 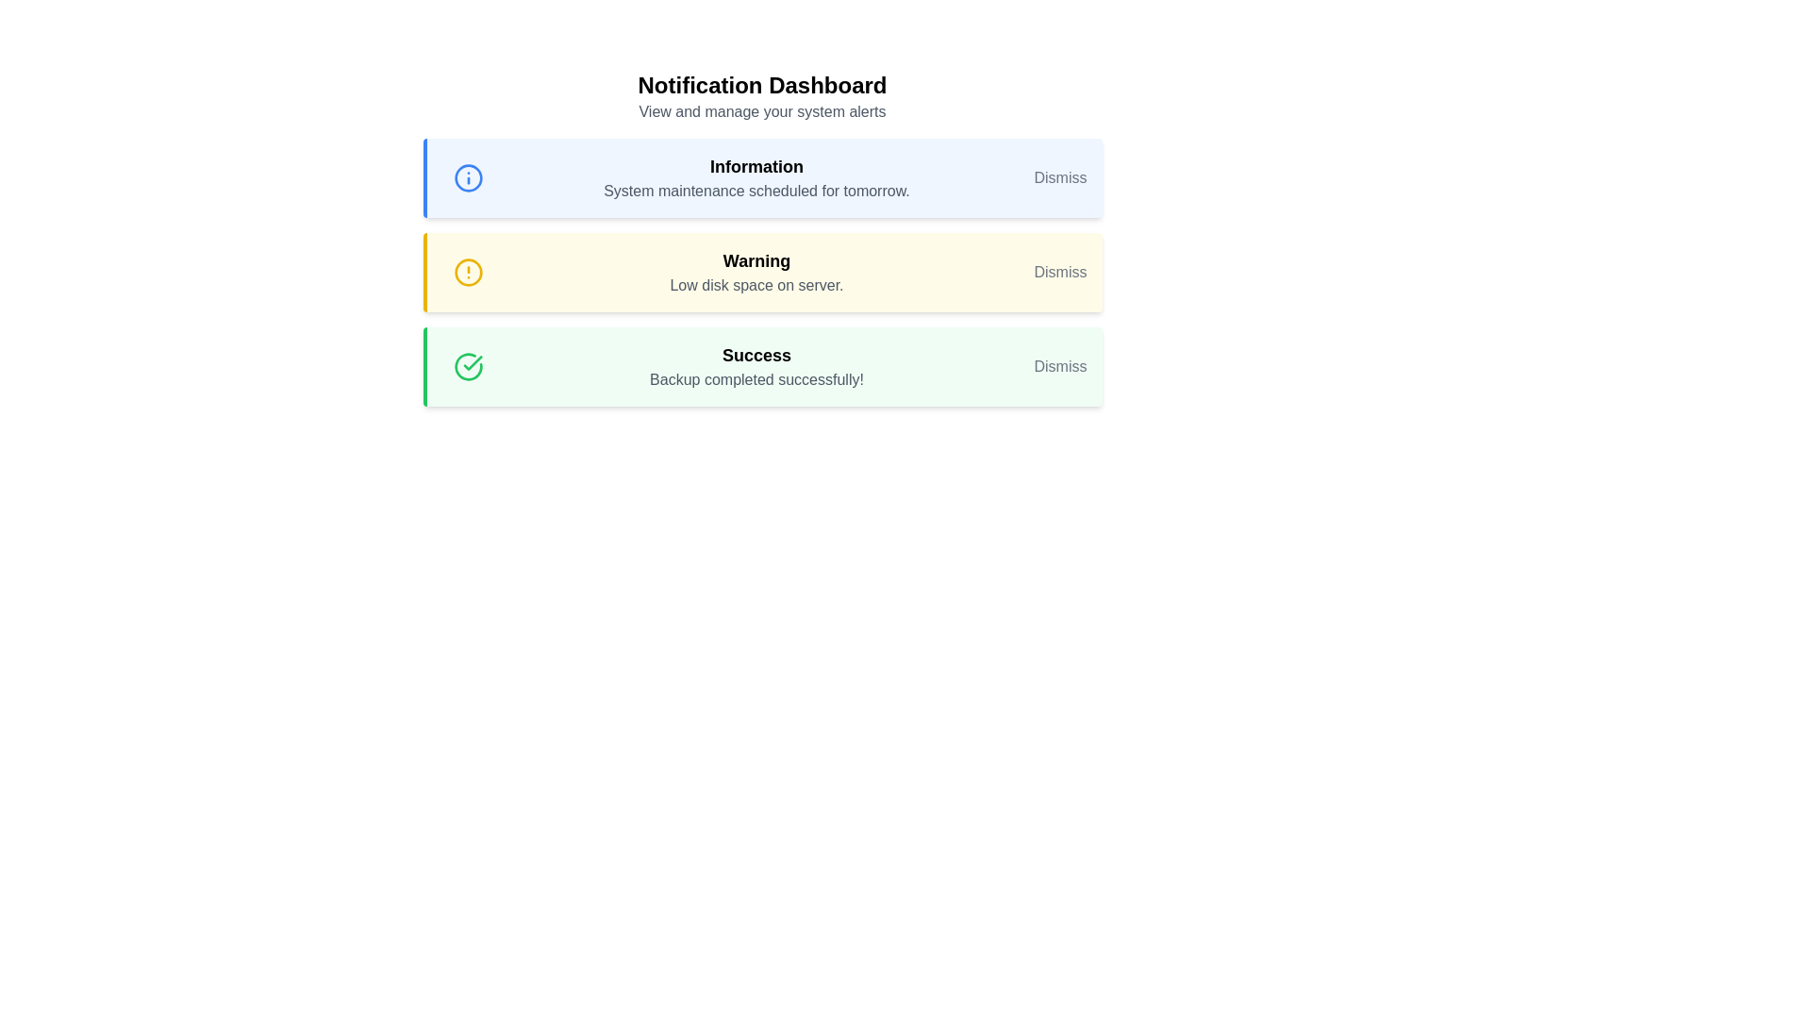 I want to click on the Text block with a heading and subtitle that introduces the Notification Dashboard module, positioned at the top of the displayed content, so click(x=762, y=97).